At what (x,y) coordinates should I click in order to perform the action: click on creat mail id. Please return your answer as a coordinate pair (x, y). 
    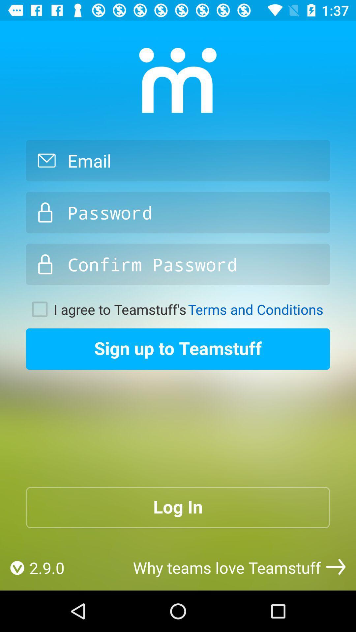
    Looking at the image, I should click on (178, 161).